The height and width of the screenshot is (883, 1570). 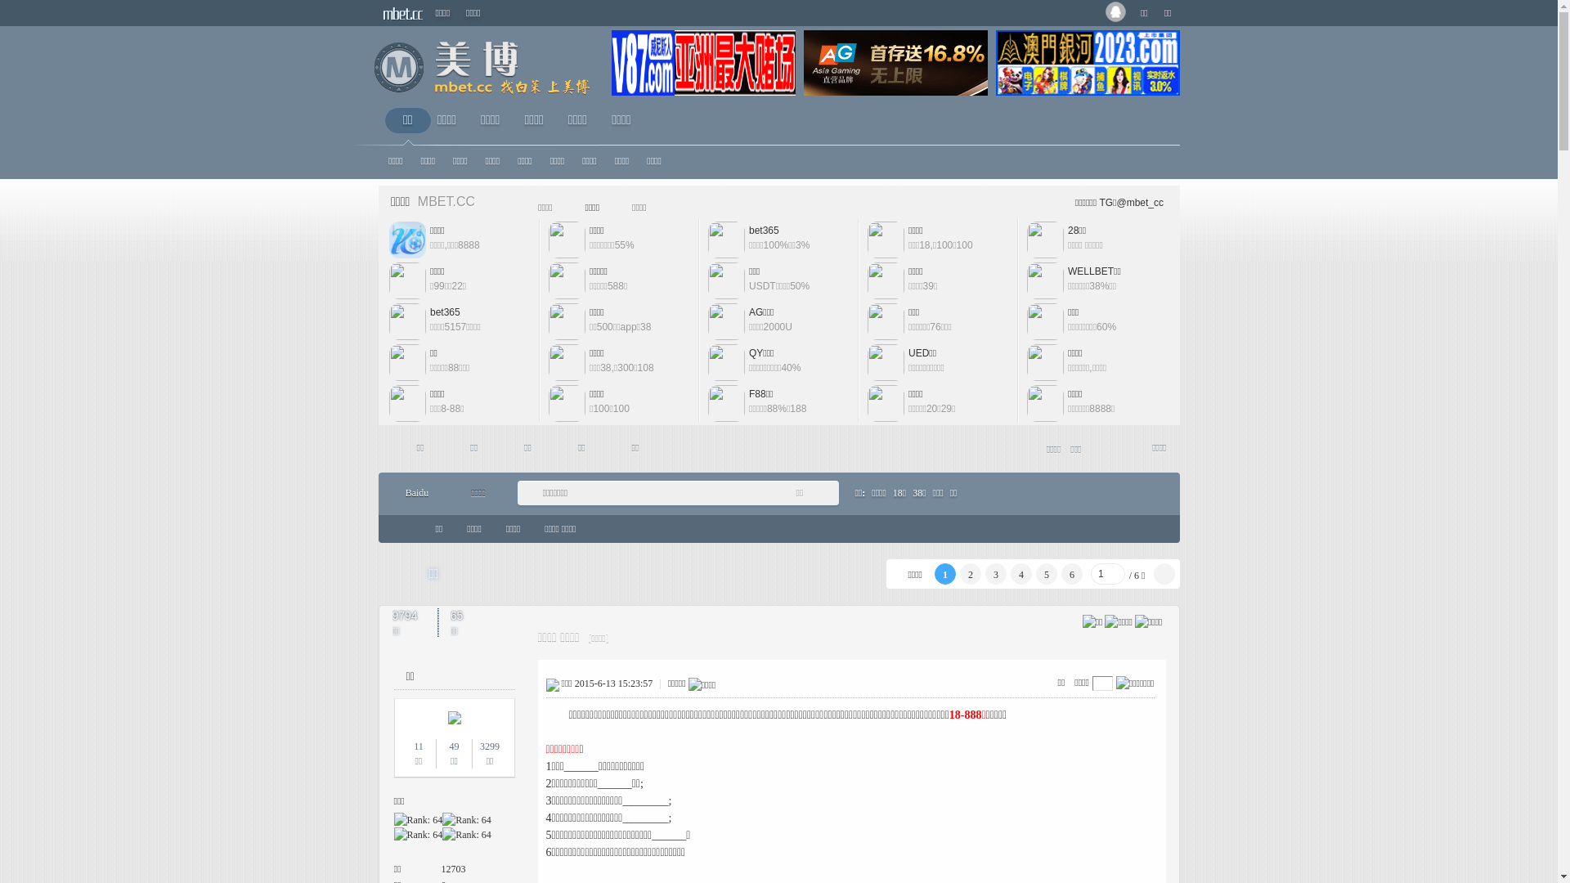 I want to click on '5', so click(x=1047, y=573).